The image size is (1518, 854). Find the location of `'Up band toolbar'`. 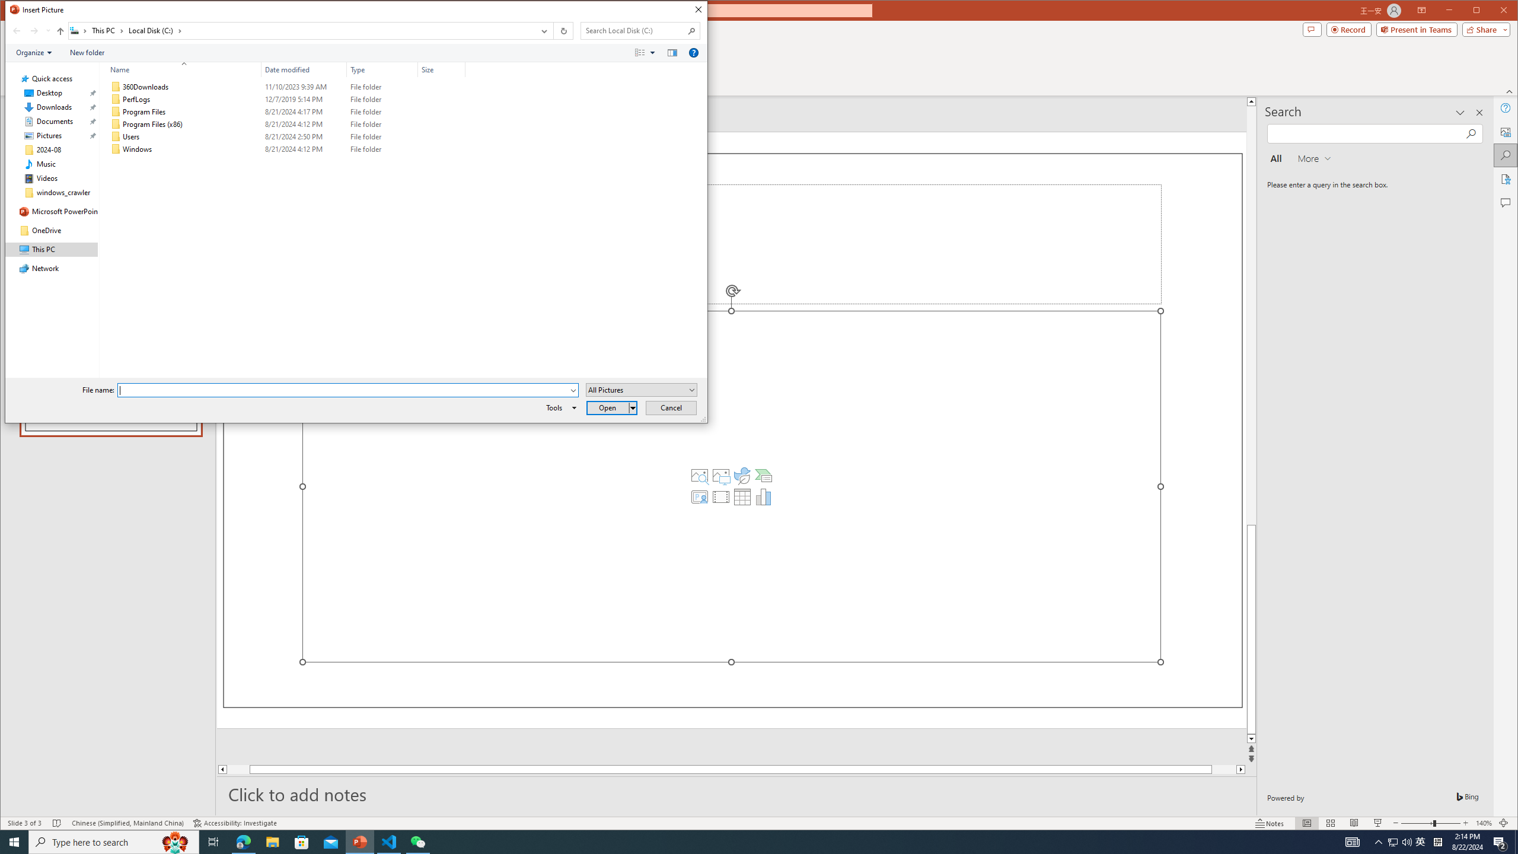

'Up band toolbar' is located at coordinates (60, 32).